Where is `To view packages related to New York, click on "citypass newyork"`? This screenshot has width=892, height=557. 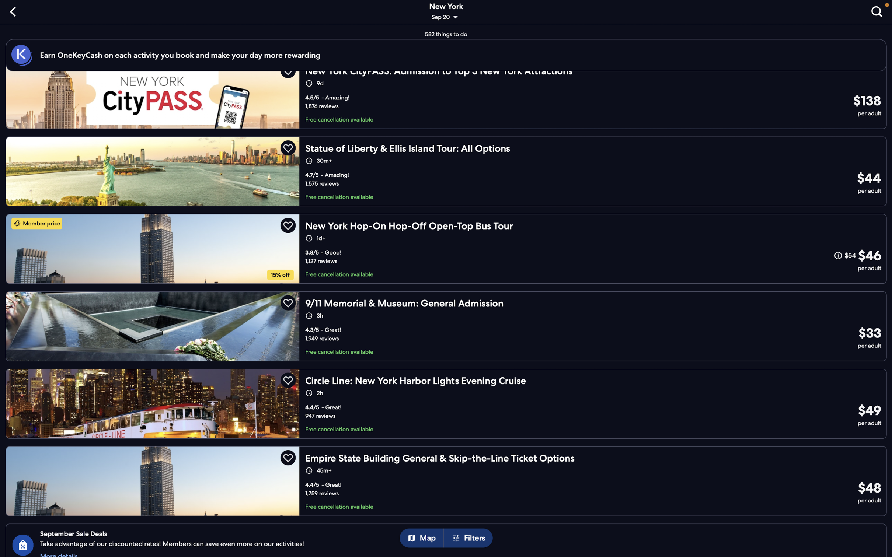
To view packages related to New York, click on "citypass newyork" is located at coordinates (449, 100).